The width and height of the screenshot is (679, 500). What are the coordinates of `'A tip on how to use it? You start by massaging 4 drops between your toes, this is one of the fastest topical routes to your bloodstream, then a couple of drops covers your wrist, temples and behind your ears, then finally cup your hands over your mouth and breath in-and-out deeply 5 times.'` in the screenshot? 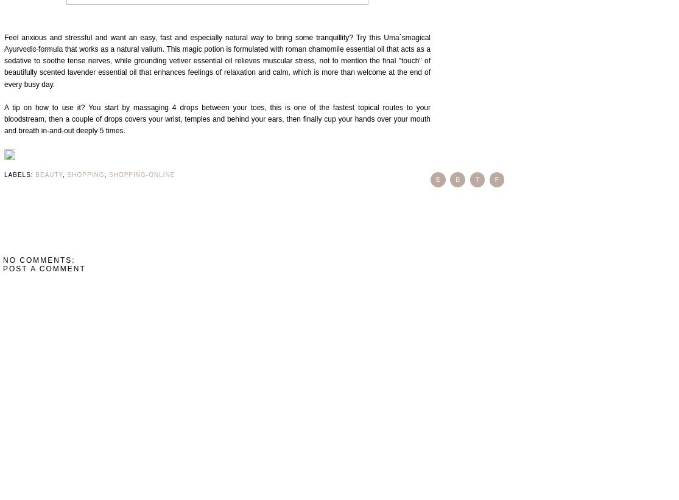 It's located at (217, 118).